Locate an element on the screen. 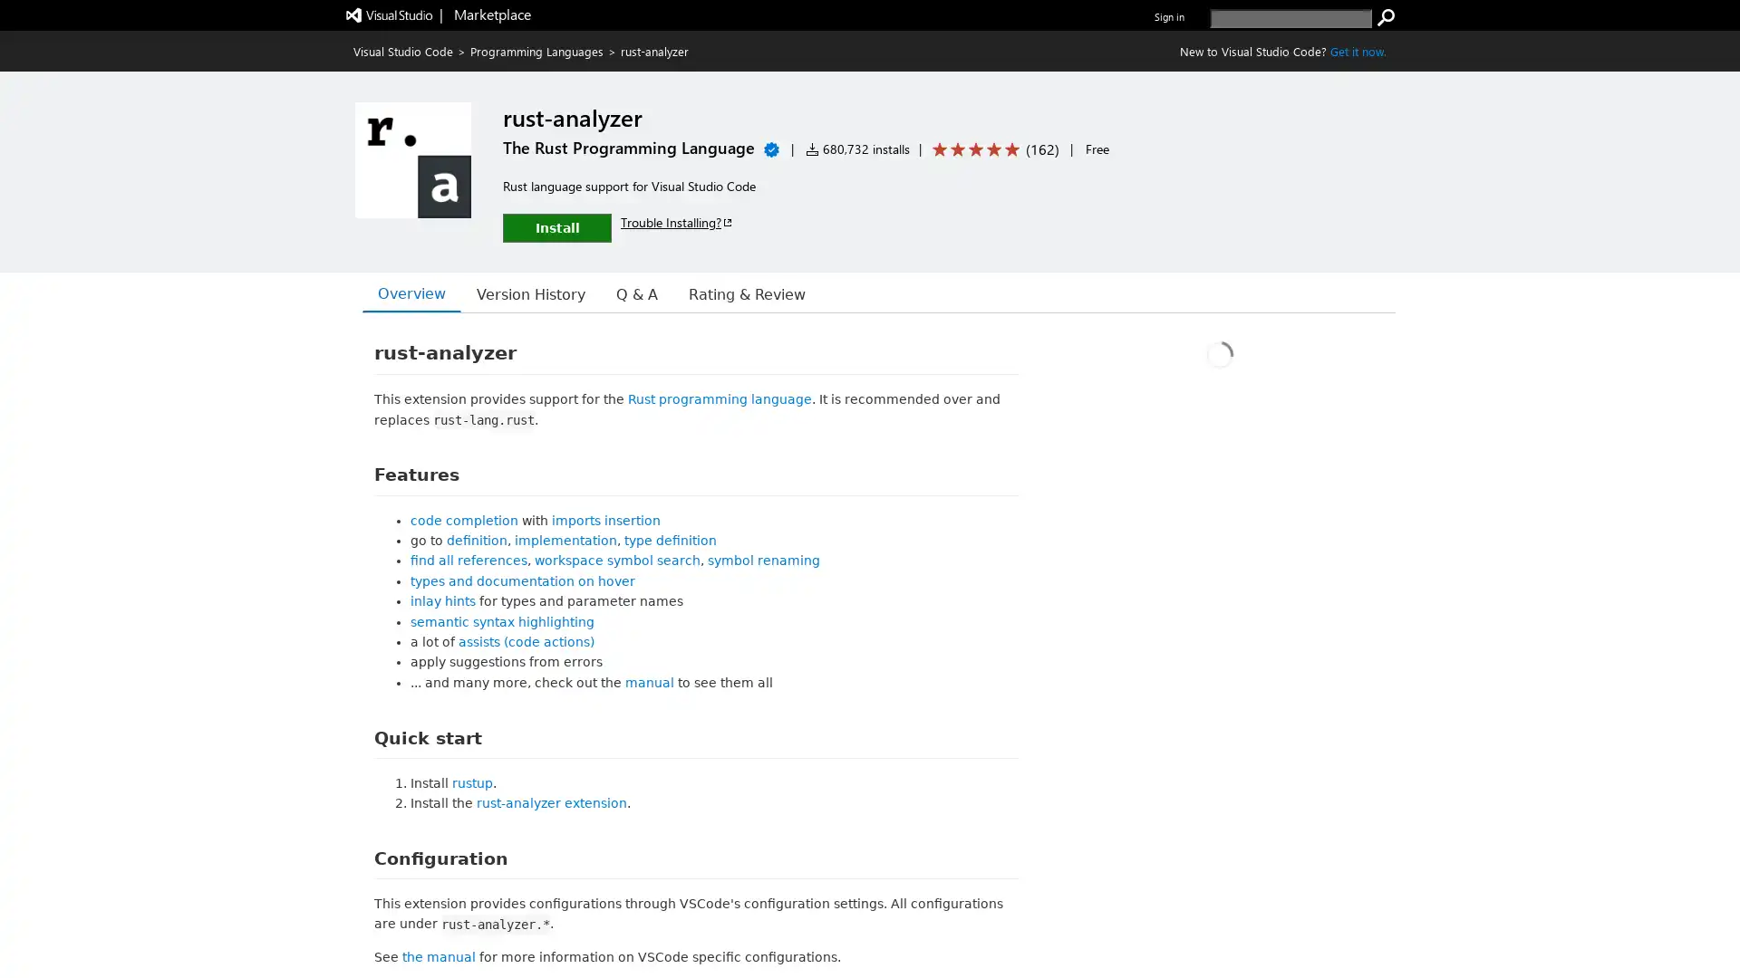  Rating & Review is located at coordinates (716, 292).